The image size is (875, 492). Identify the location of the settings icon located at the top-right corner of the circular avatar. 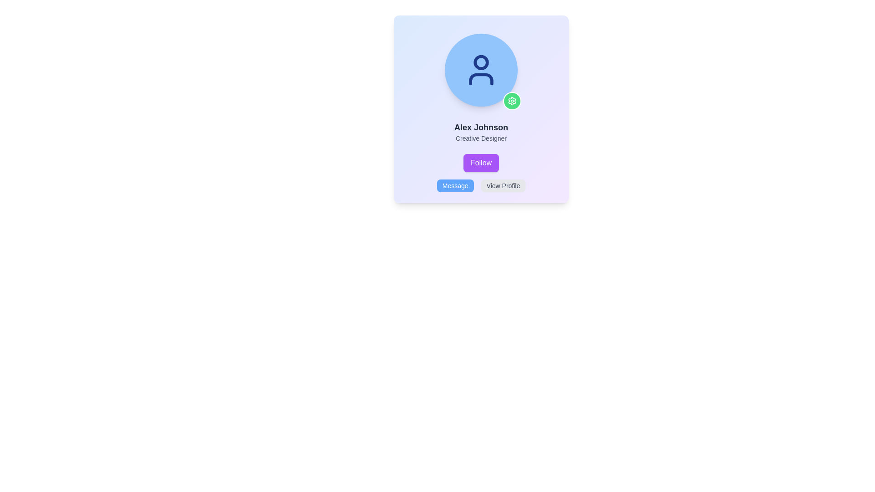
(512, 101).